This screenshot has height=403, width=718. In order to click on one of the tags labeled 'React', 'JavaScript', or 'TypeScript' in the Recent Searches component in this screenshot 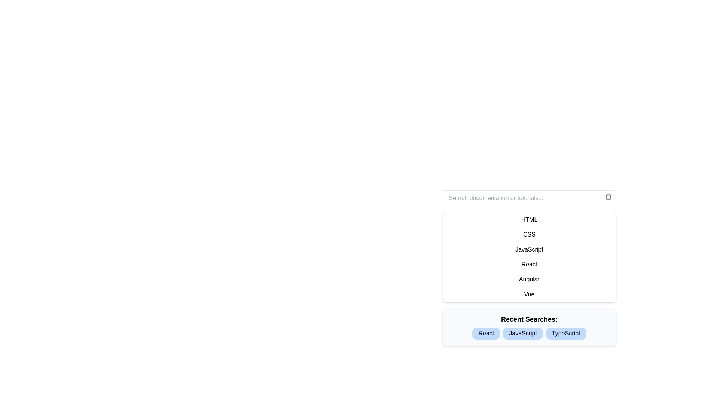, I will do `click(529, 326)`.